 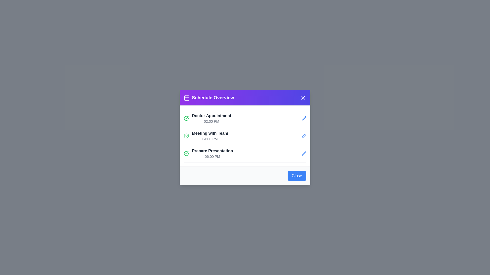 What do you see at coordinates (304, 118) in the screenshot?
I see `the edit action trigger button for the 'Doctor Appointment' event, located at the rightmost edge of the corresponding line in the schedule overview modal, to change its appearance` at bounding box center [304, 118].